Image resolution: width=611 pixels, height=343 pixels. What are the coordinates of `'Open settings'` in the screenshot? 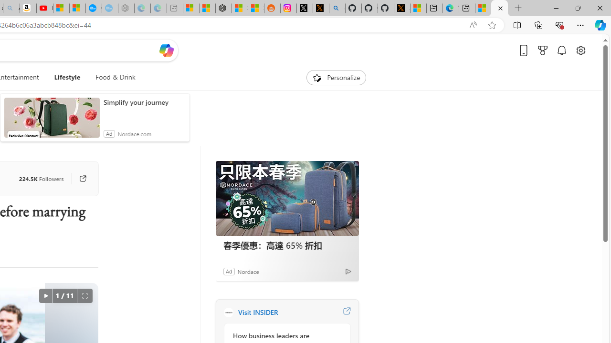 It's located at (580, 50).